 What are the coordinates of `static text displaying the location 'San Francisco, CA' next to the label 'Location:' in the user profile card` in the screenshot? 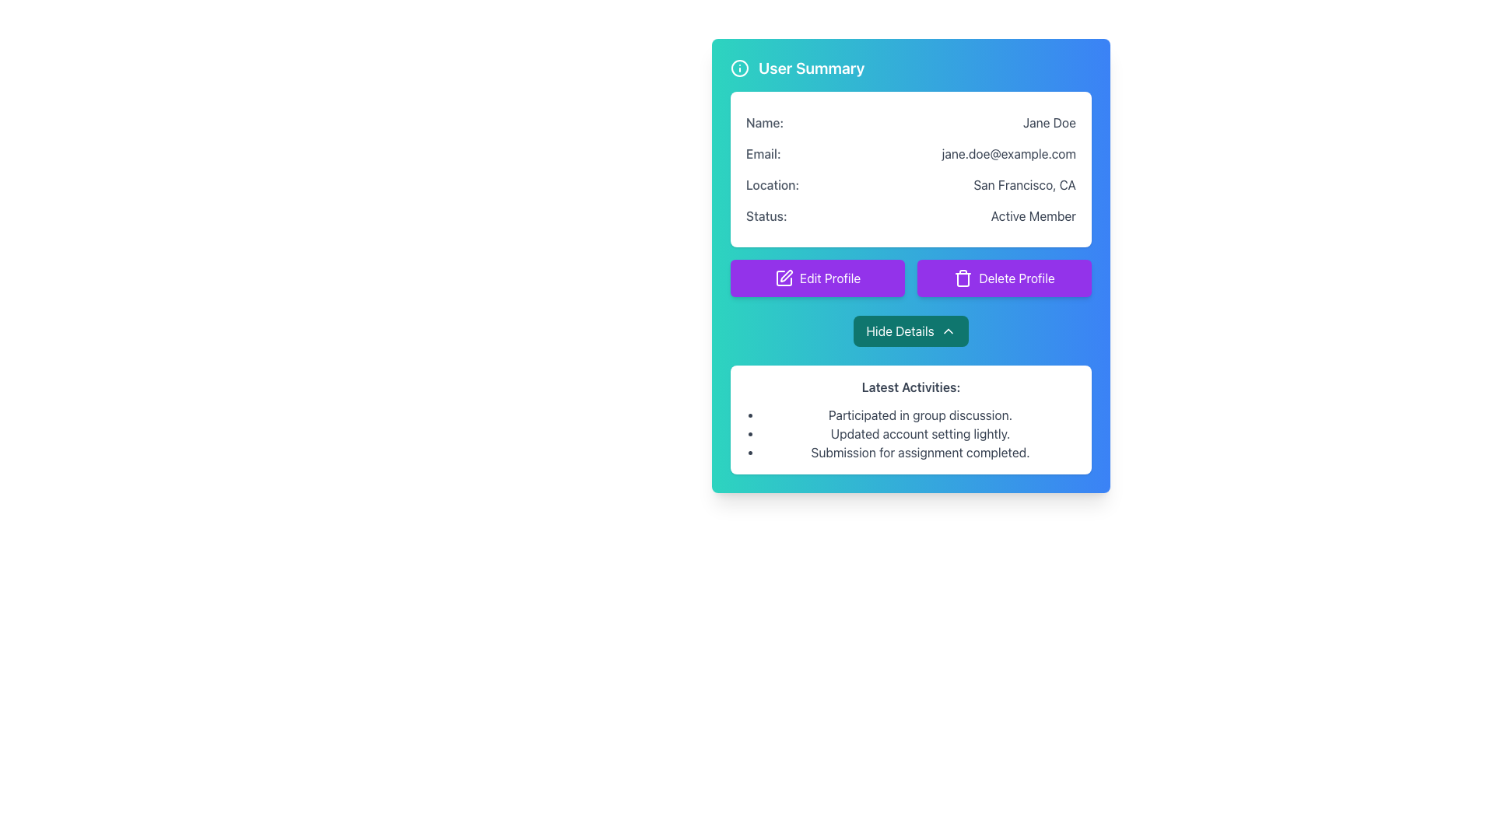 It's located at (1025, 184).